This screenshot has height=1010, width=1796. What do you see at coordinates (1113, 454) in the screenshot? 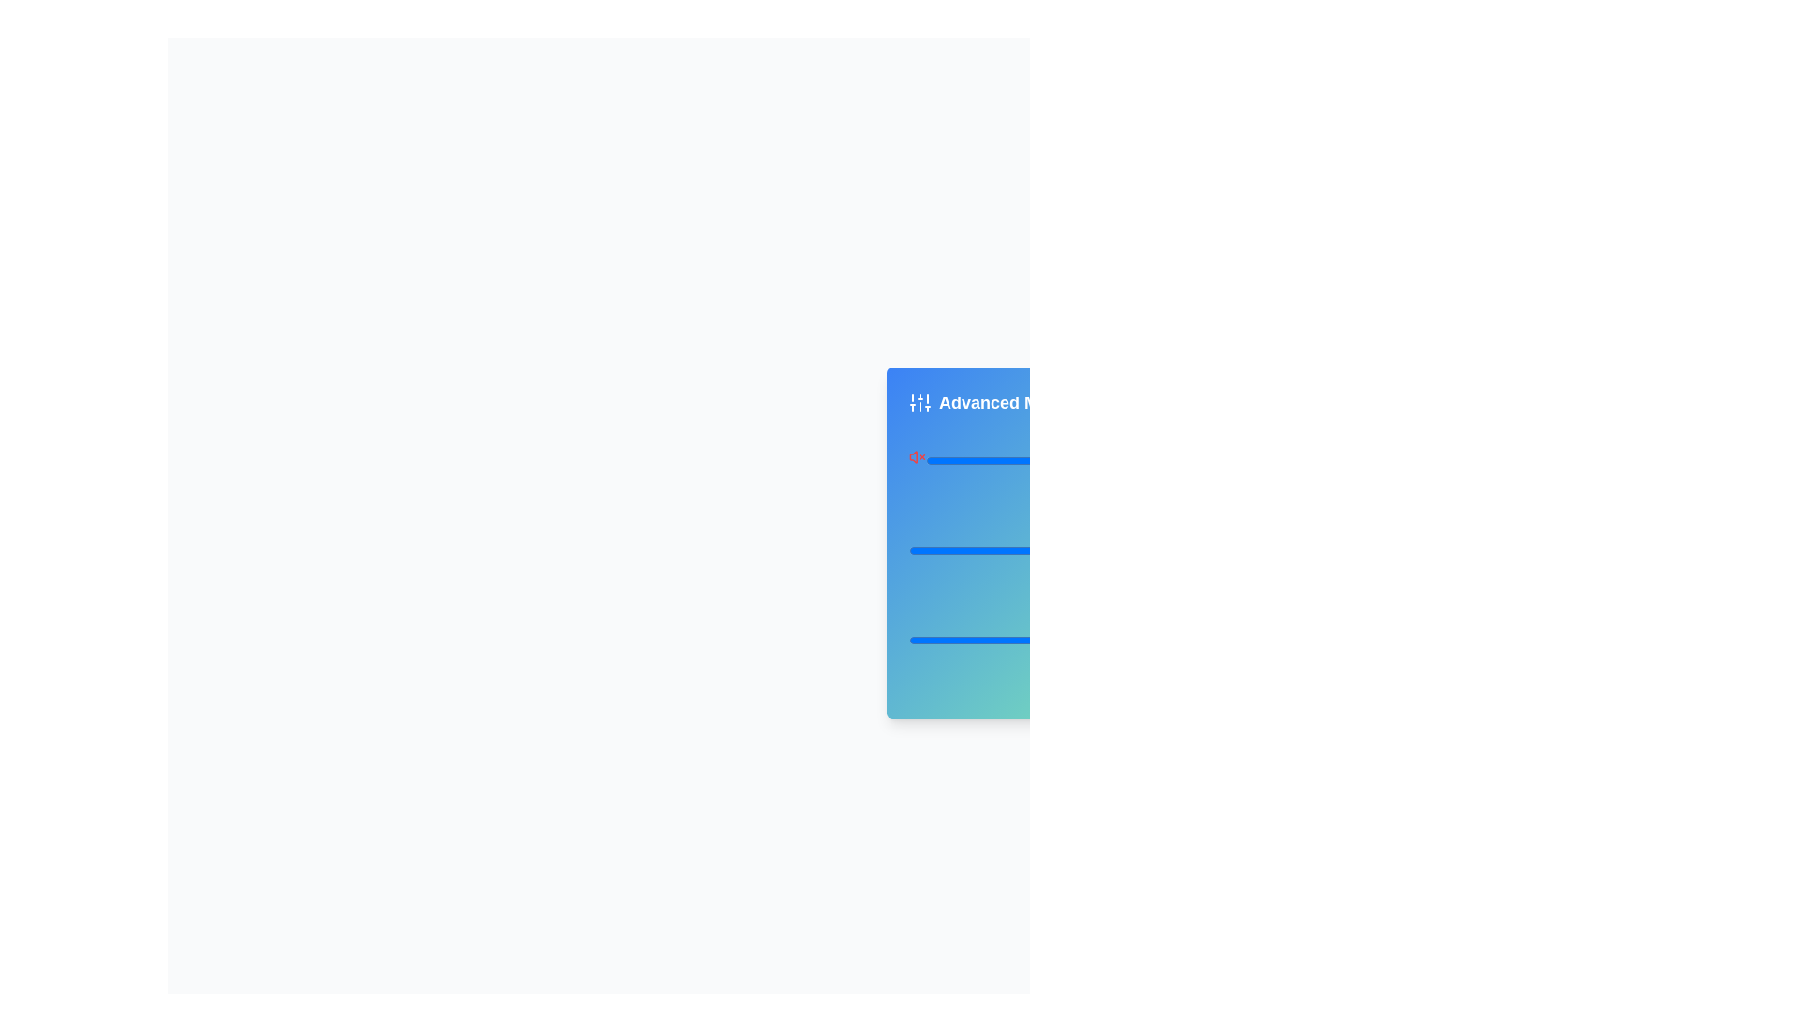
I see `the slider value` at bounding box center [1113, 454].